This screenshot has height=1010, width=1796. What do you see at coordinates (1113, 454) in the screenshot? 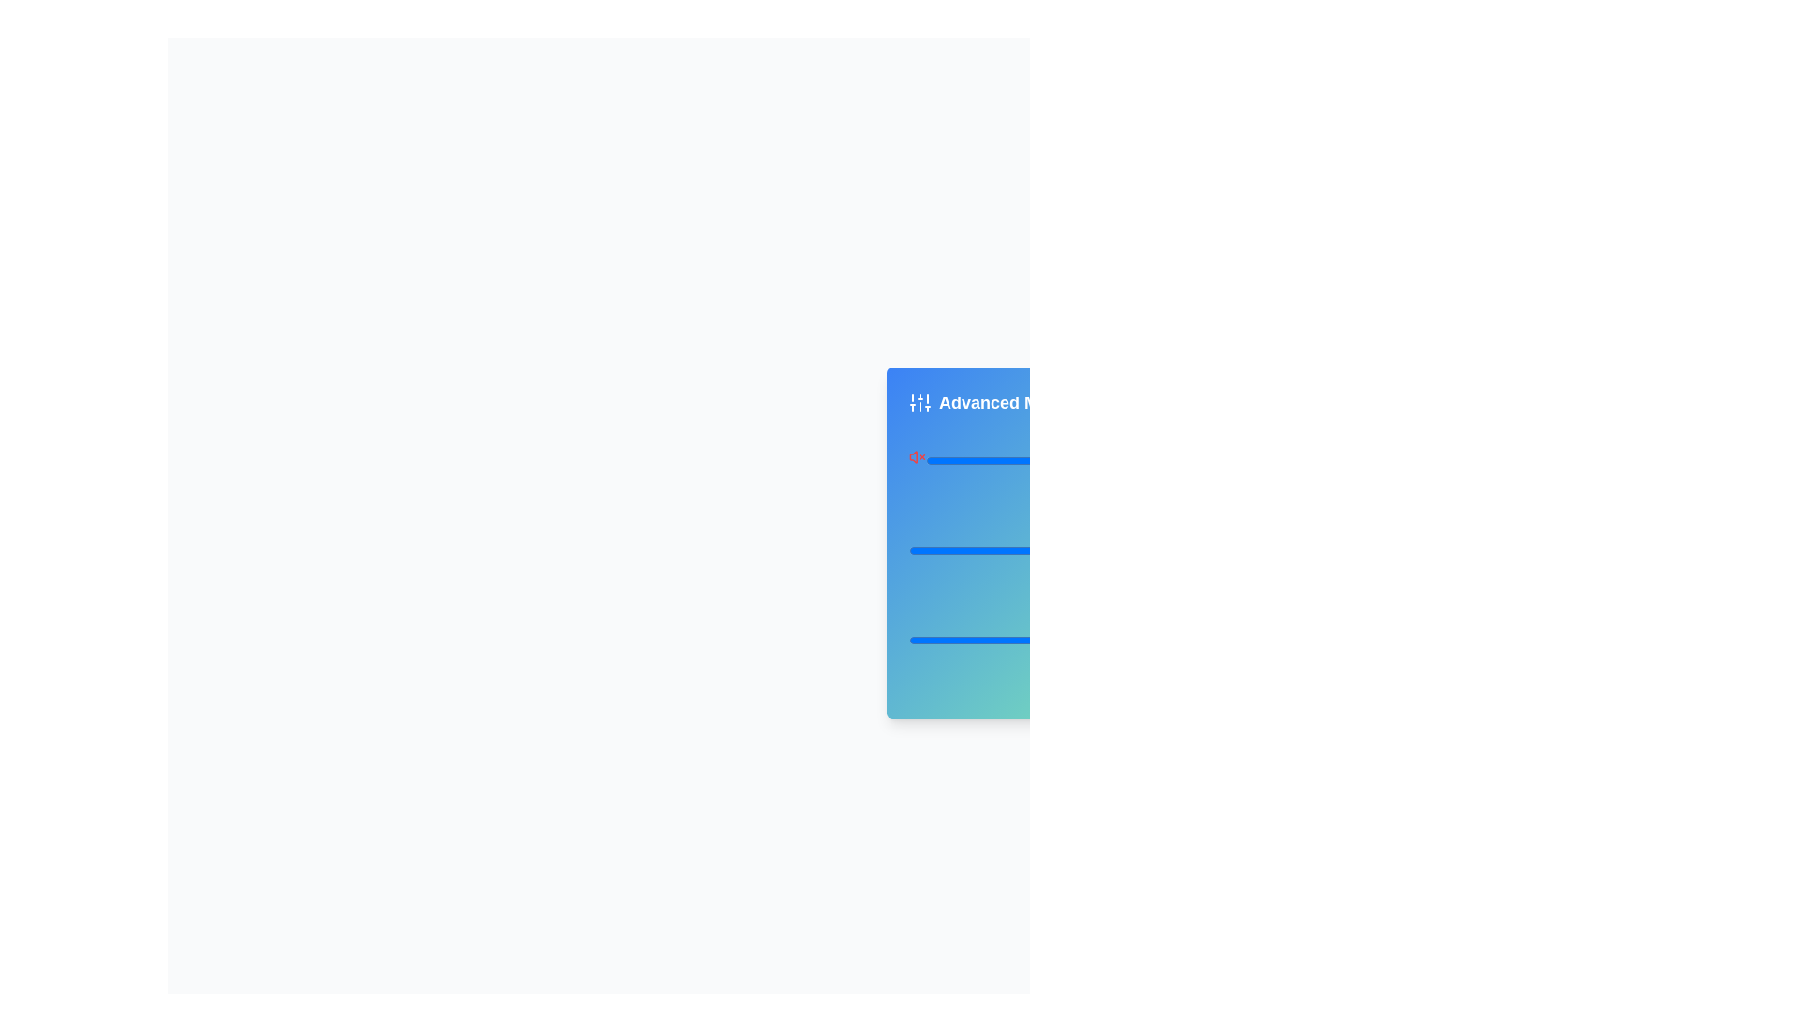
I see `the slider value` at bounding box center [1113, 454].